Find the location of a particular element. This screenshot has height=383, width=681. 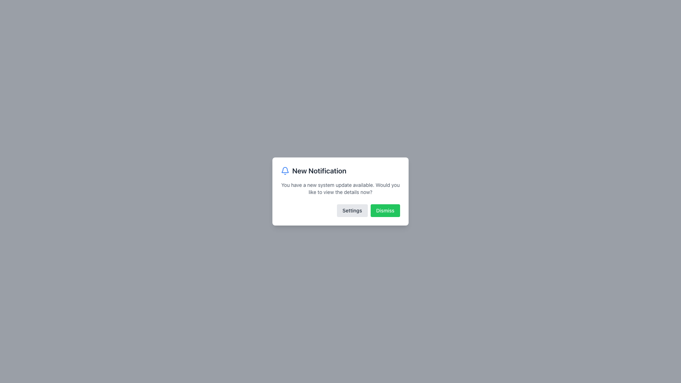

the 'Dismiss' button, which has a green background and white bold text is located at coordinates (385, 210).